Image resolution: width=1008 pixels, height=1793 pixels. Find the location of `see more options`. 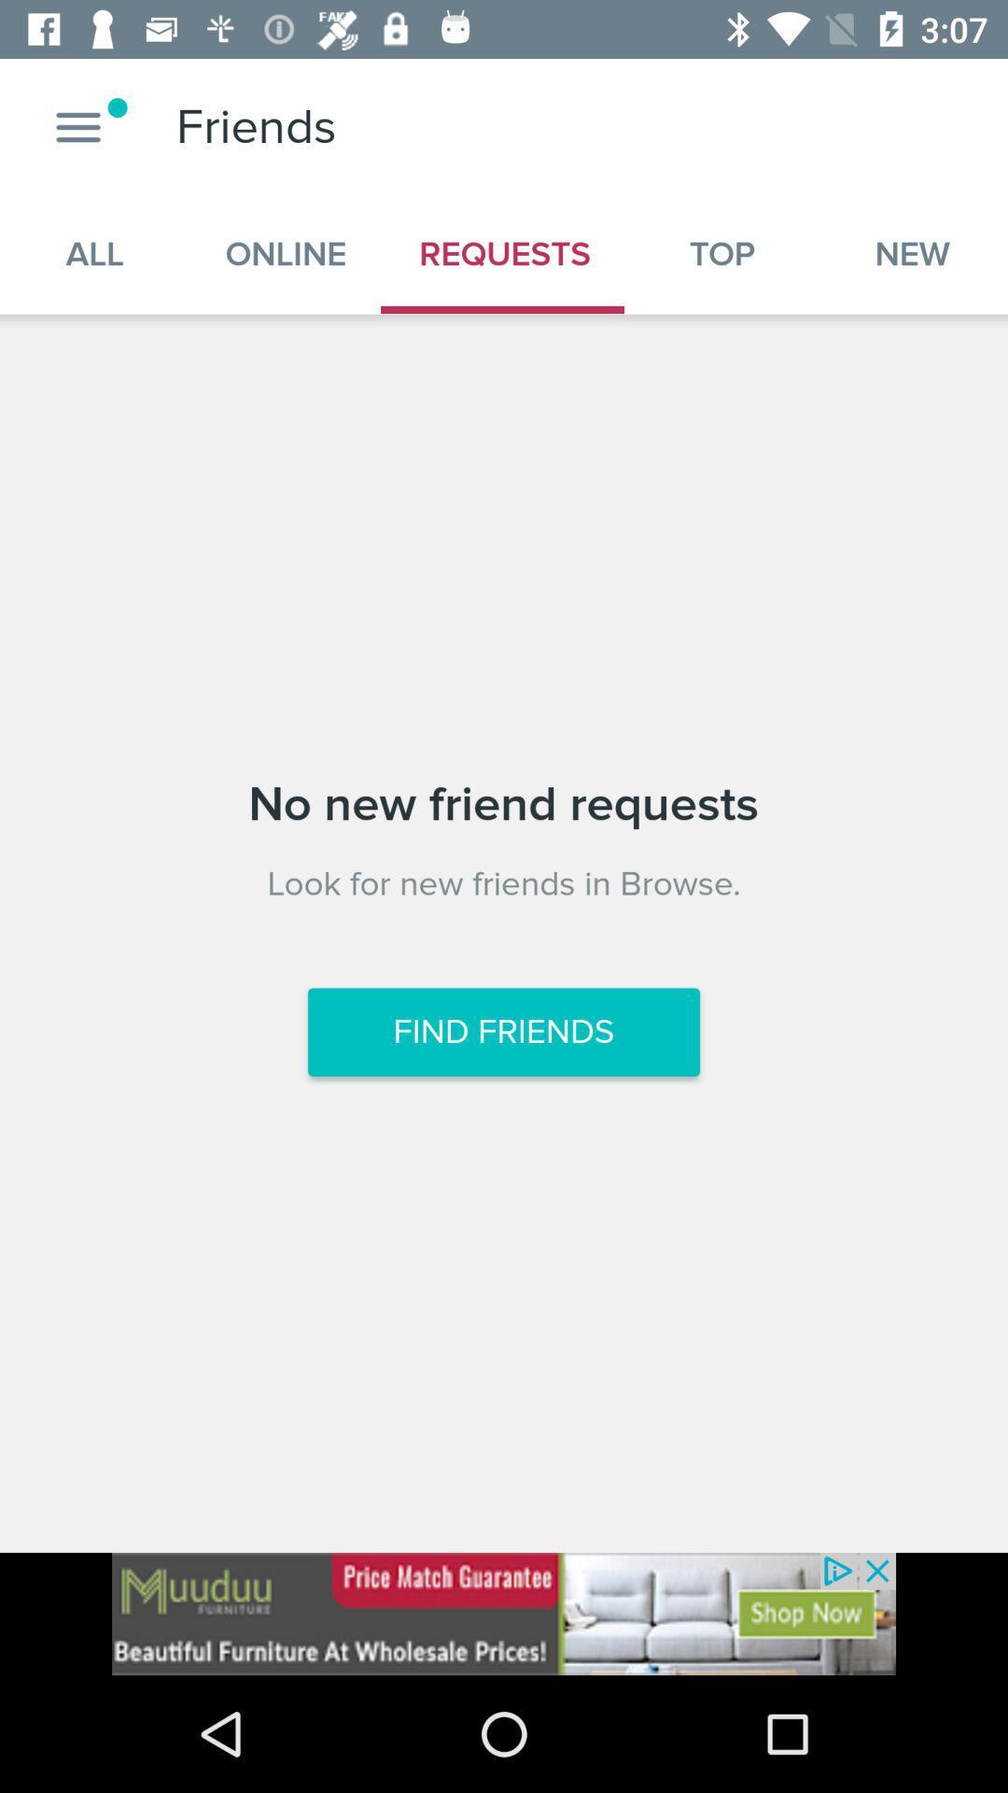

see more options is located at coordinates (77, 126).